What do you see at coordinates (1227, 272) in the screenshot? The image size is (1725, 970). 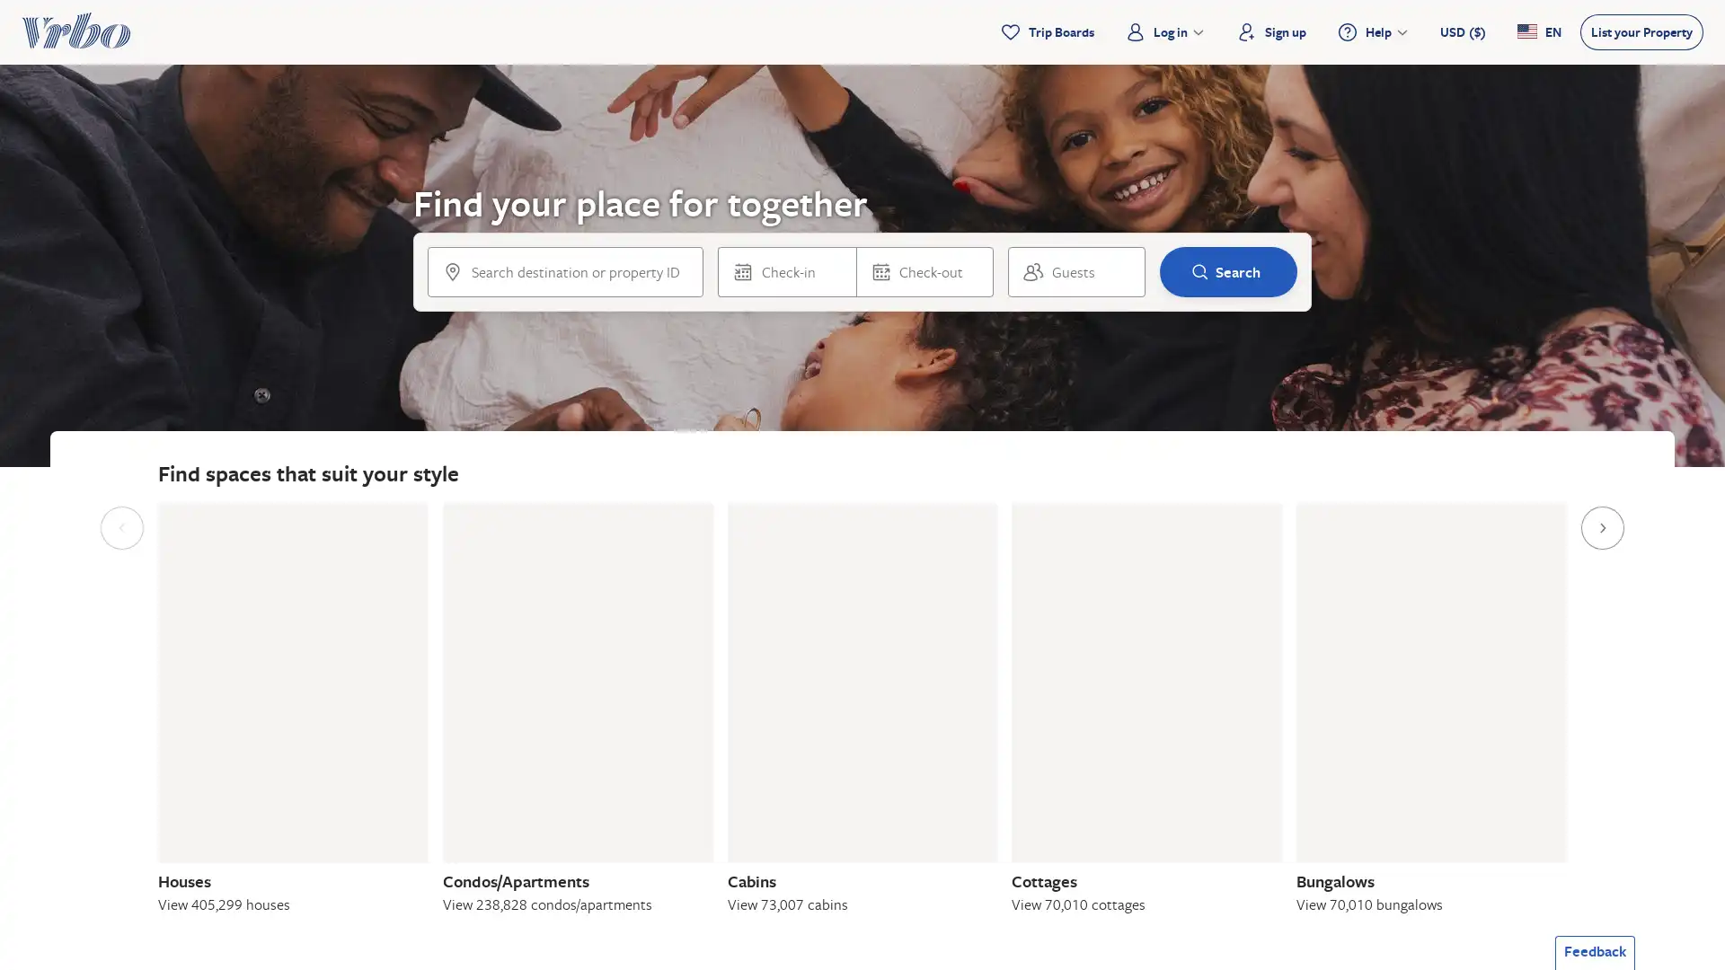 I see `Search` at bounding box center [1227, 272].